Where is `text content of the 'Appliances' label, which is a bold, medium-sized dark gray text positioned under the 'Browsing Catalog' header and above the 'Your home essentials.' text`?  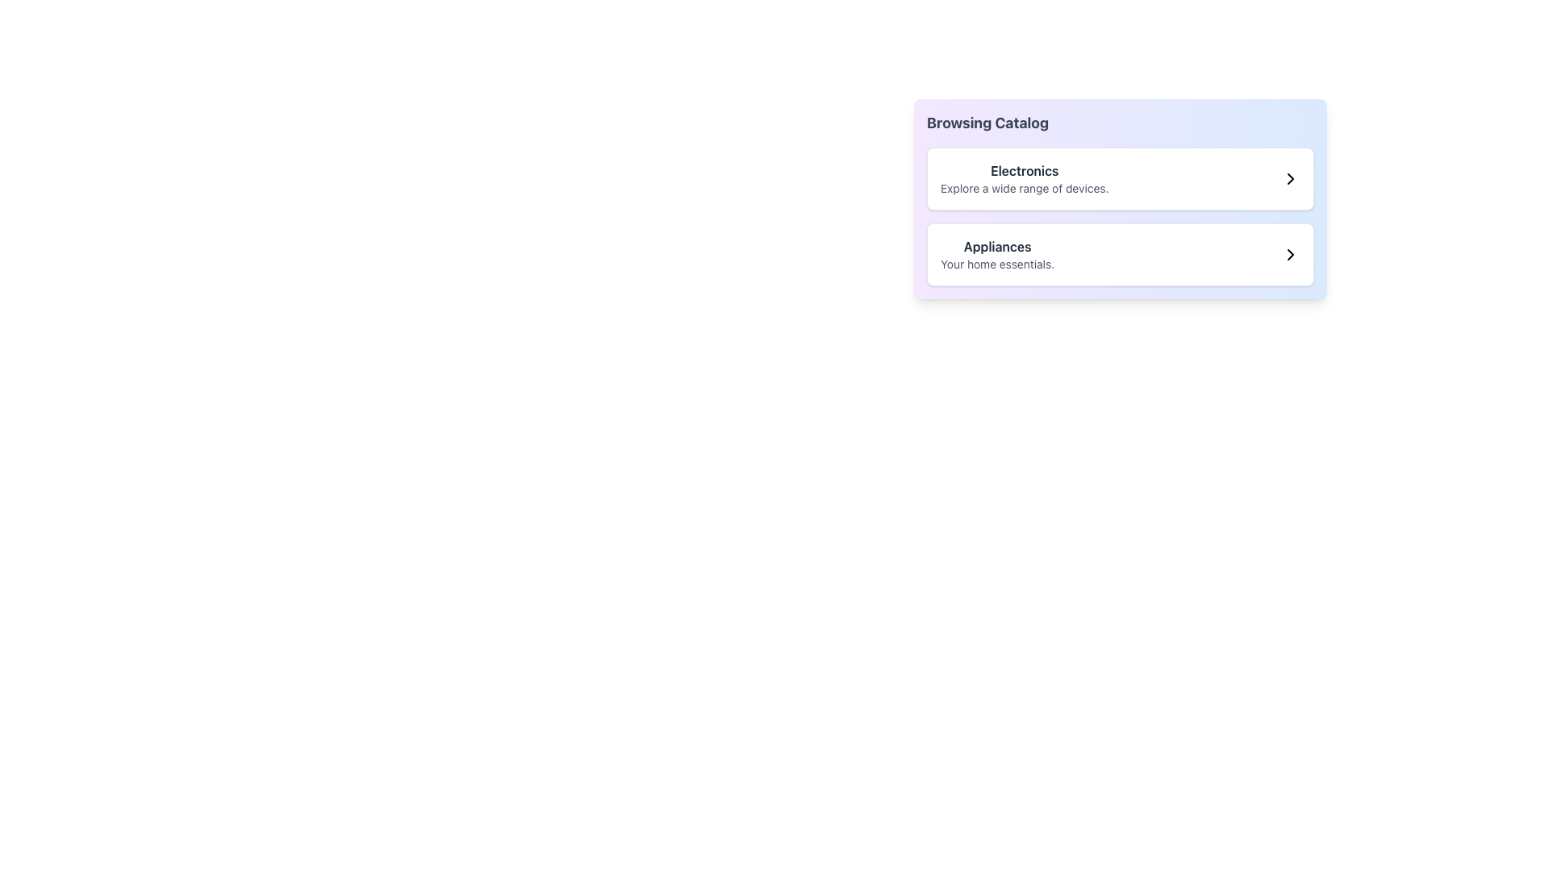
text content of the 'Appliances' label, which is a bold, medium-sized dark gray text positioned under the 'Browsing Catalog' header and above the 'Your home essentials.' text is located at coordinates (996, 246).